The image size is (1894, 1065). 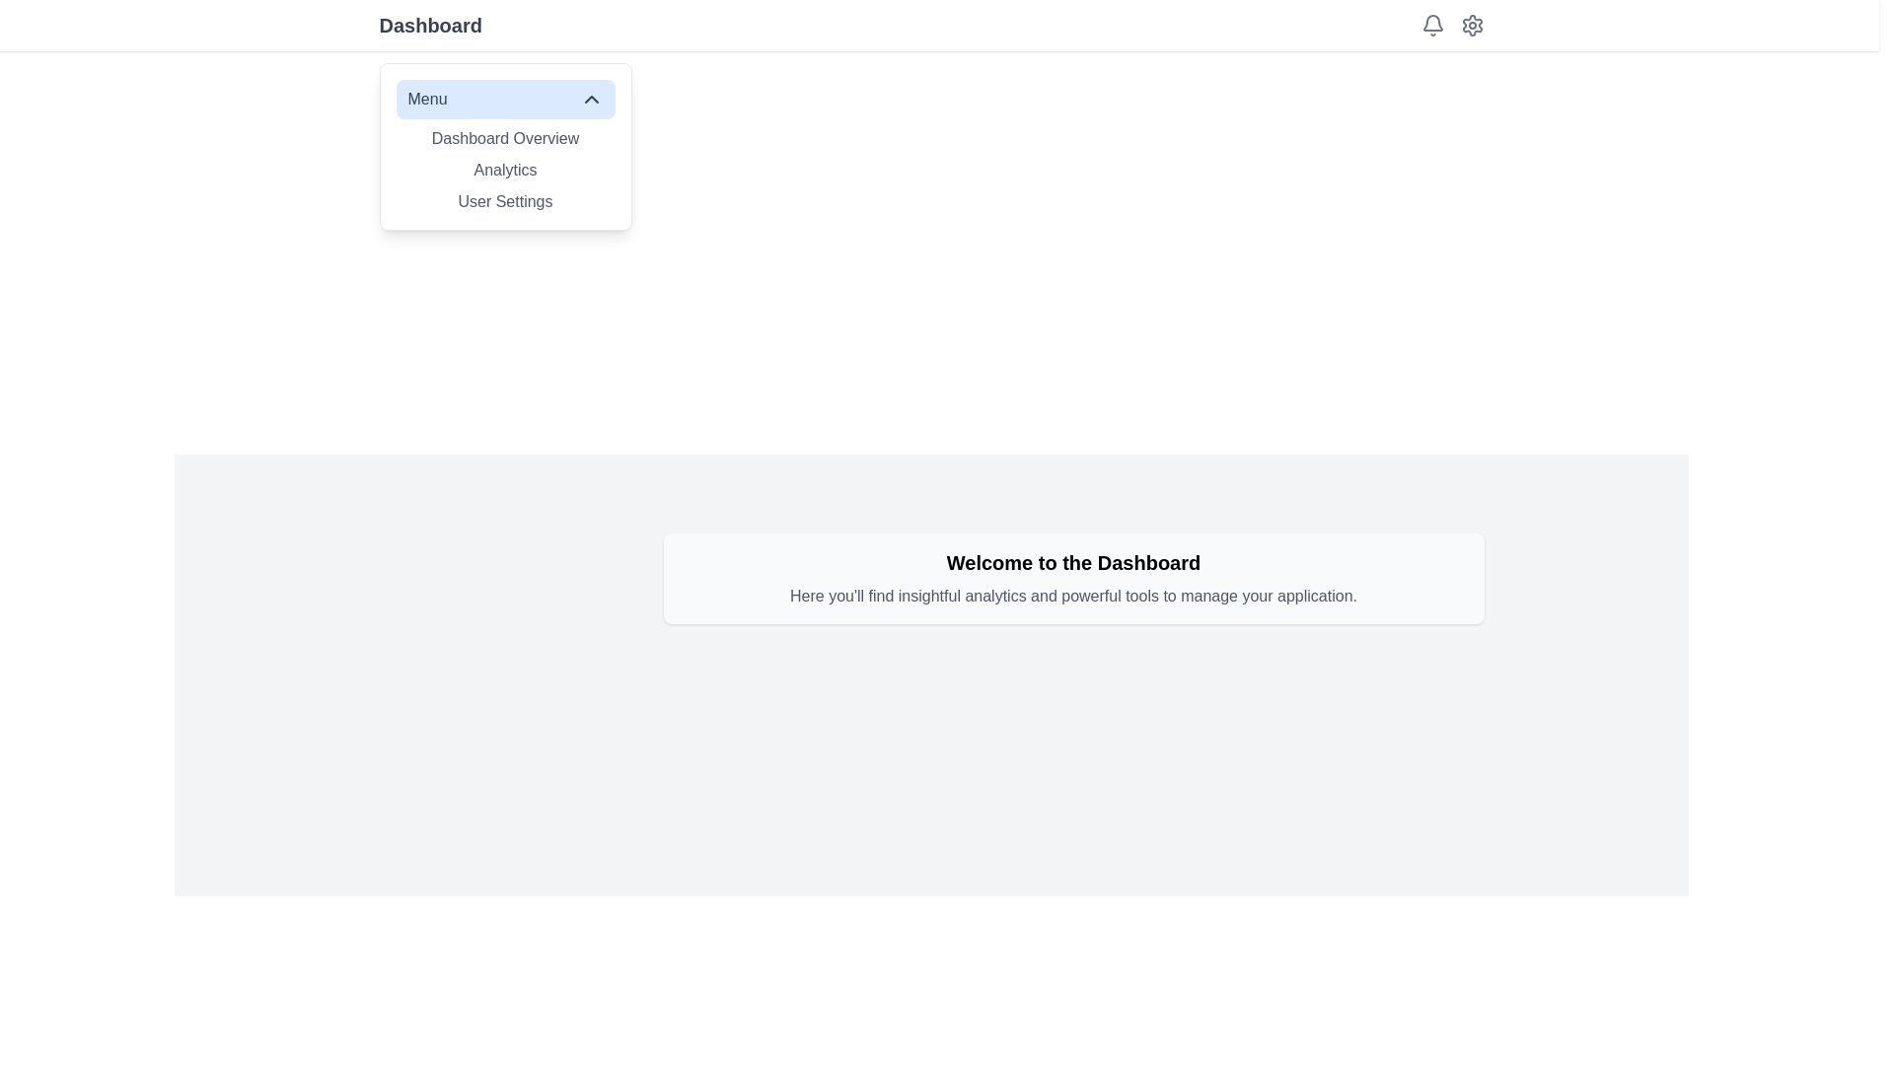 What do you see at coordinates (505, 99) in the screenshot?
I see `the expandable menu button located at the top center of the dropdown menu panel` at bounding box center [505, 99].